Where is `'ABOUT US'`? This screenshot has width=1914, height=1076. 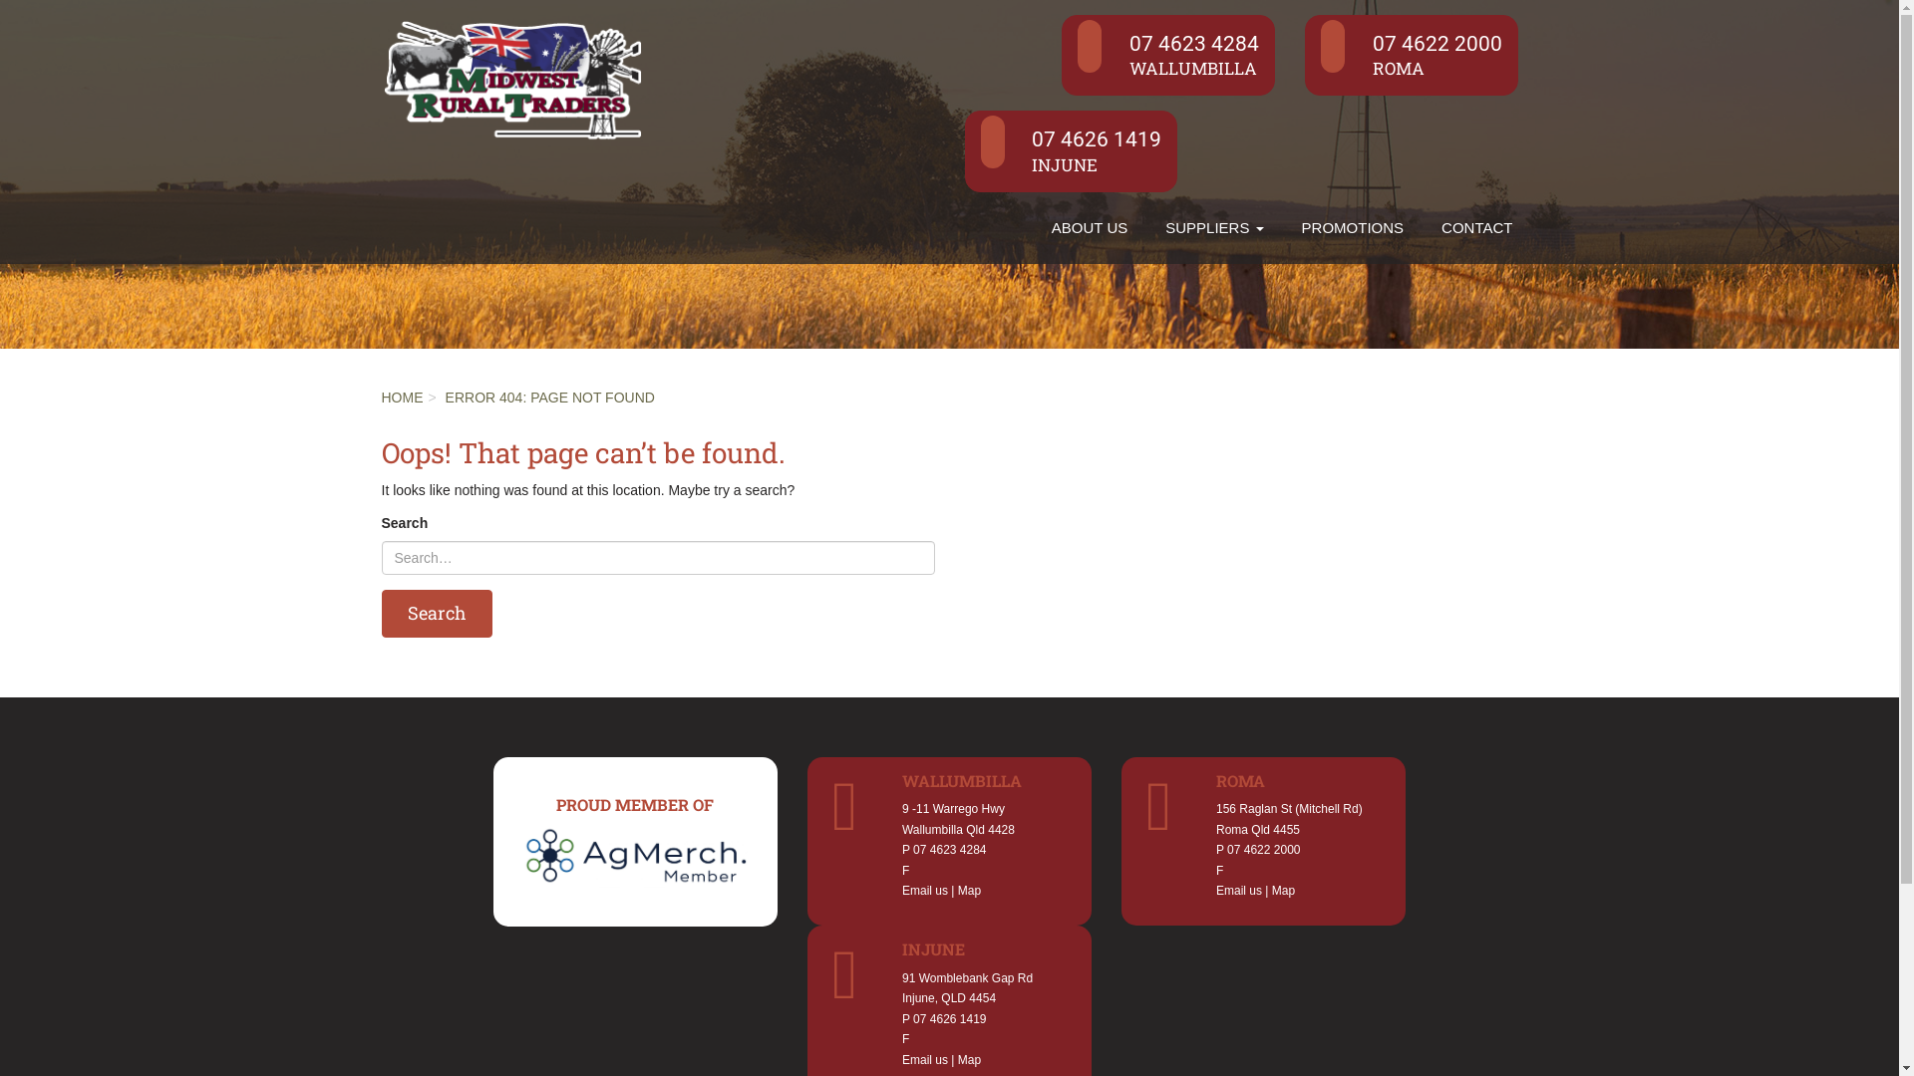
'ABOUT US' is located at coordinates (1033, 226).